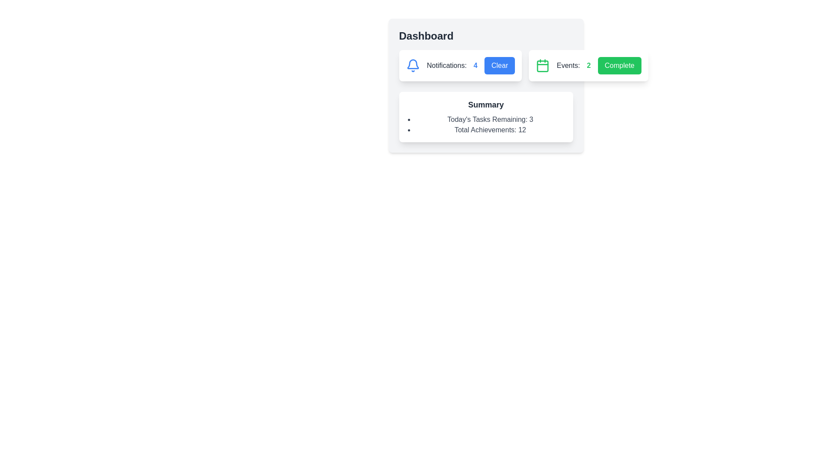 The image size is (835, 470). Describe the element at coordinates (490, 119) in the screenshot. I see `text of the first item in the bullet list that summarizes the remaining tasks for the day, located above 'Total Achievements: 12' in the 'Summary' section` at that location.